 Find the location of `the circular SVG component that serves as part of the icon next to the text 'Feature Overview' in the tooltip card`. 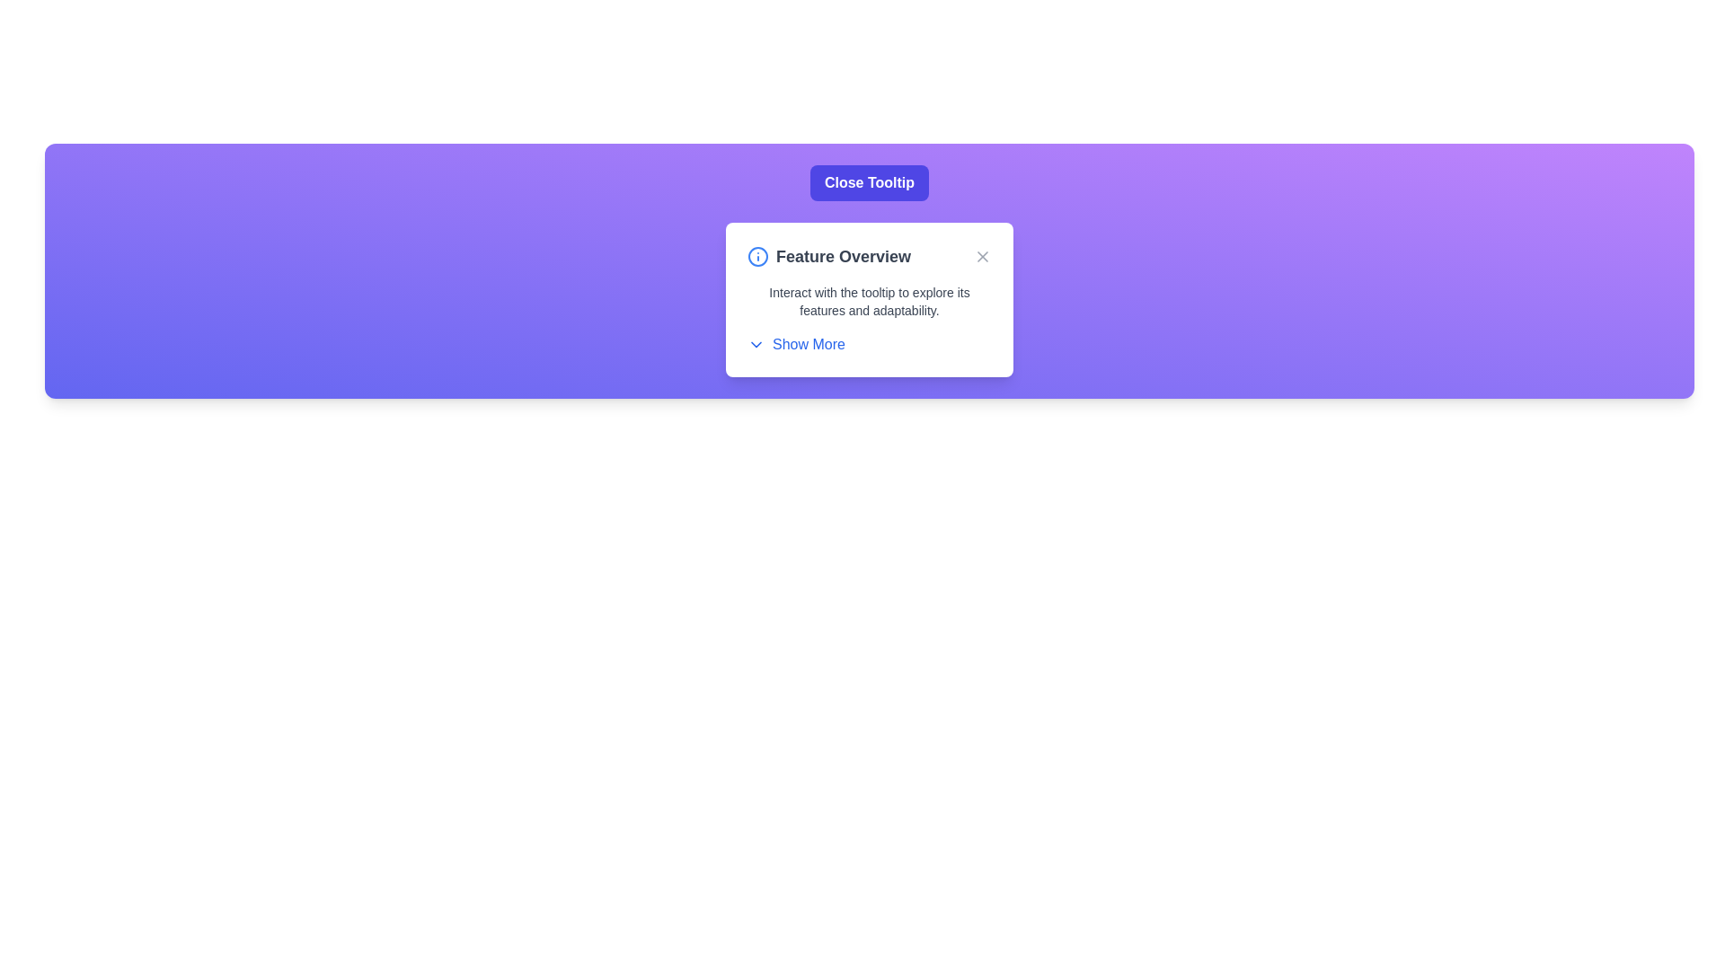

the circular SVG component that serves as part of the icon next to the text 'Feature Overview' in the tooltip card is located at coordinates (758, 256).